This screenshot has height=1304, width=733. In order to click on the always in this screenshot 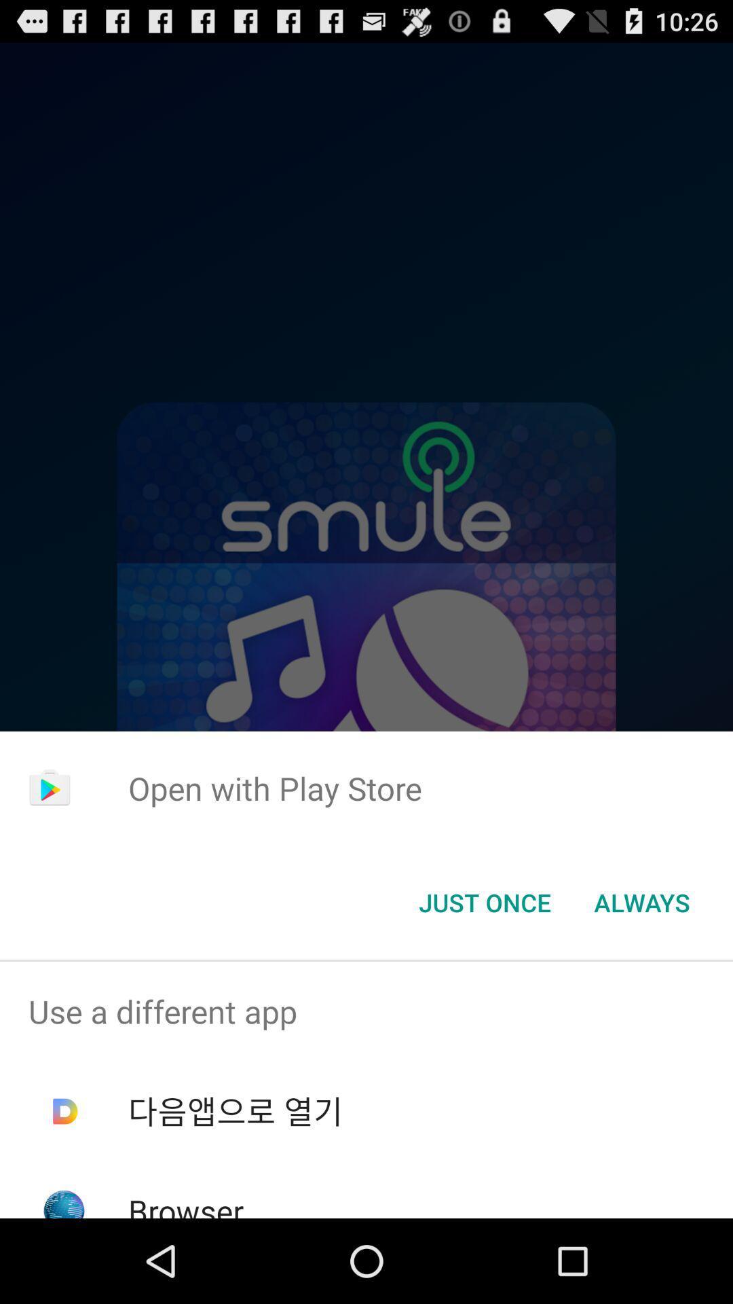, I will do `click(641, 903)`.